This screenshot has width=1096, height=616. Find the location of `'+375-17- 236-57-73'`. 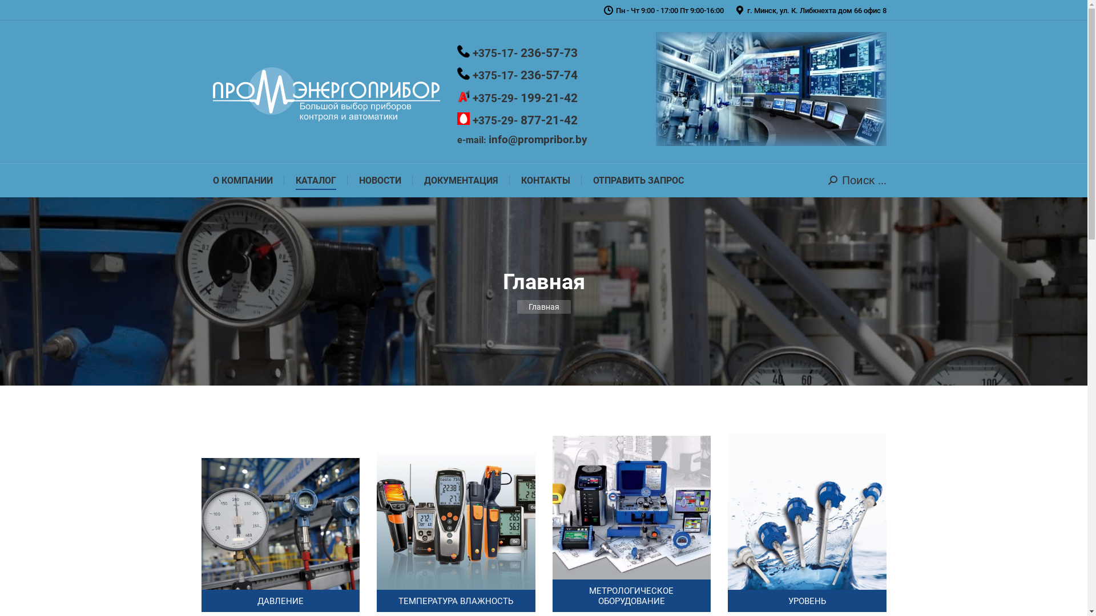

'+375-17- 236-57-73' is located at coordinates (516, 54).